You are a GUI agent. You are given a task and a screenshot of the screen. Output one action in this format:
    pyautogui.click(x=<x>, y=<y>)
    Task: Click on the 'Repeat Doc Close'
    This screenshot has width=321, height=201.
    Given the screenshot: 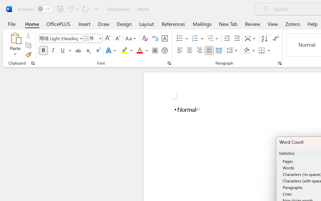 What is the action you would take?
    pyautogui.click(x=86, y=9)
    